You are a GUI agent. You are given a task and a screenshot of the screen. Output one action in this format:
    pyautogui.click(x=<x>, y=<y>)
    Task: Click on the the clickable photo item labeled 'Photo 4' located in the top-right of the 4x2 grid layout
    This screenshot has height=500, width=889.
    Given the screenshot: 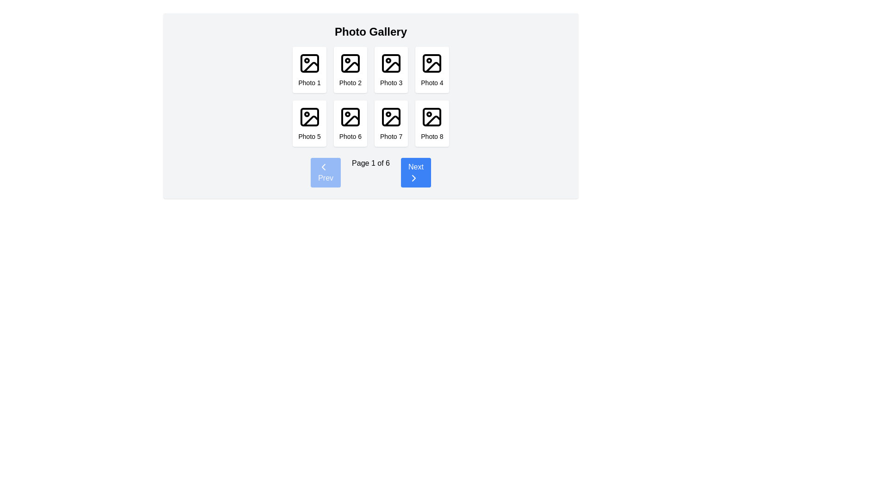 What is the action you would take?
    pyautogui.click(x=432, y=69)
    